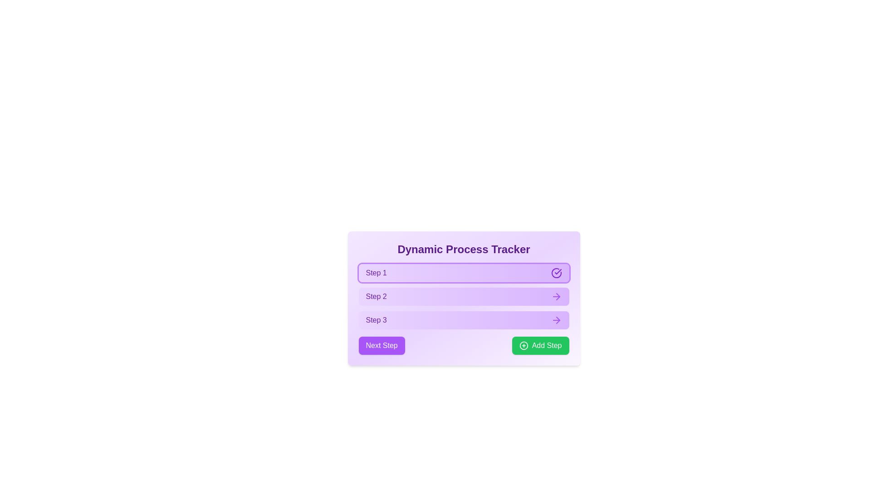 This screenshot has height=490, width=871. Describe the element at coordinates (556, 319) in the screenshot. I see `the arrow icon located on the right side of the 'Step 3' section to proceed to the next step` at that location.